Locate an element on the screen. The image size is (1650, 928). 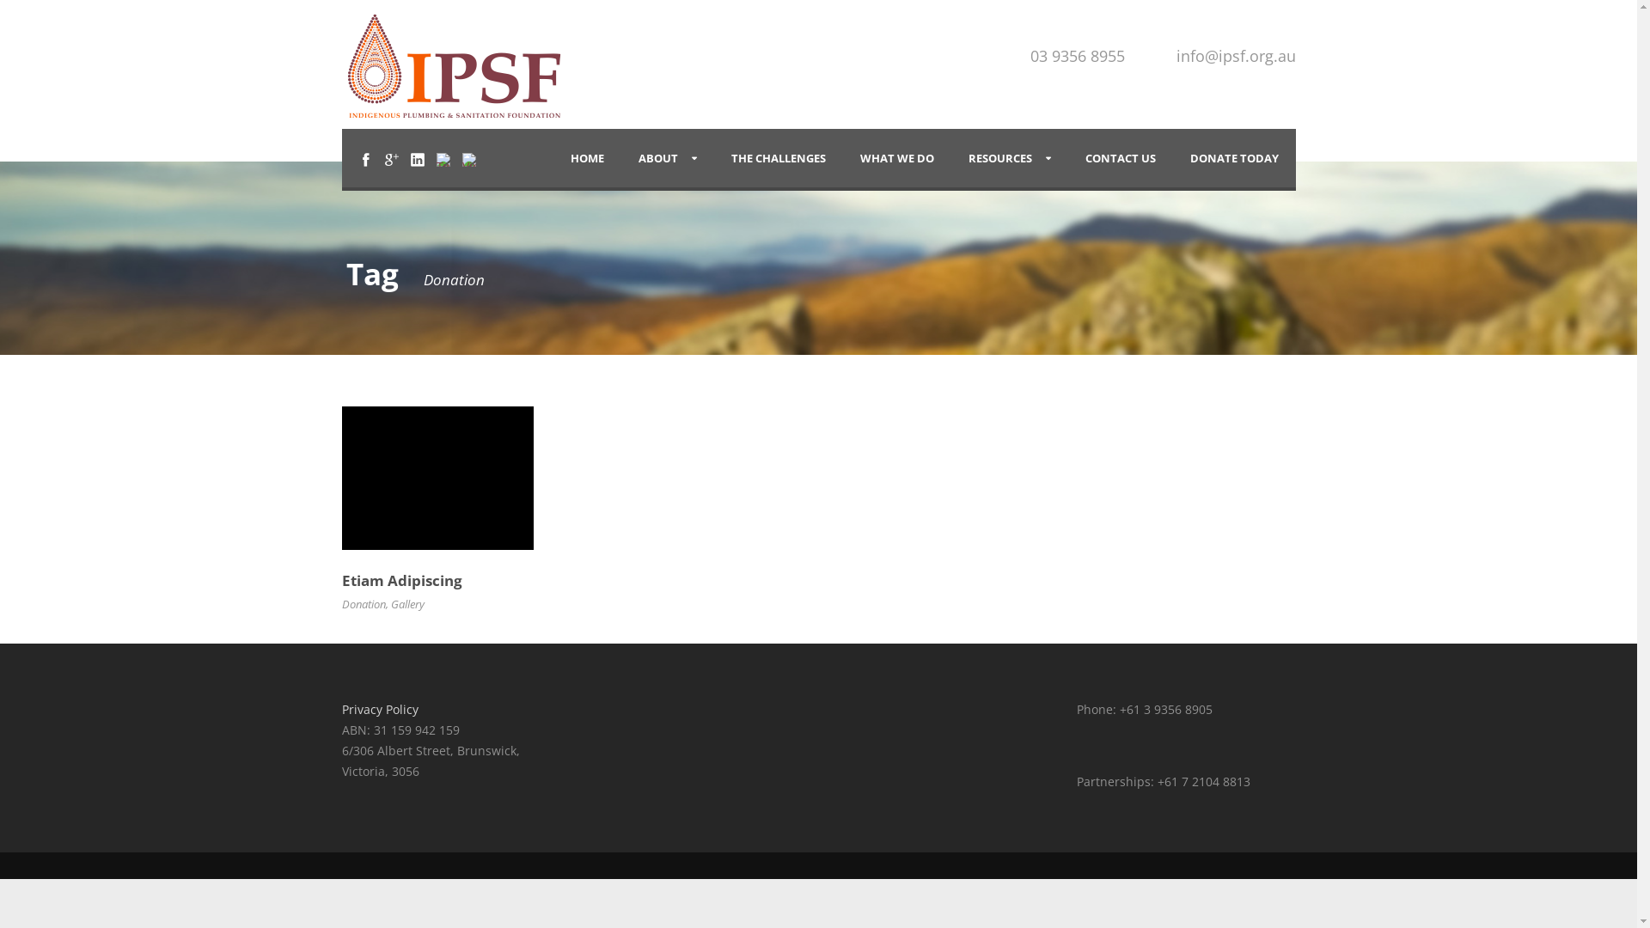
'CONTACT US' is located at coordinates (1119, 158).